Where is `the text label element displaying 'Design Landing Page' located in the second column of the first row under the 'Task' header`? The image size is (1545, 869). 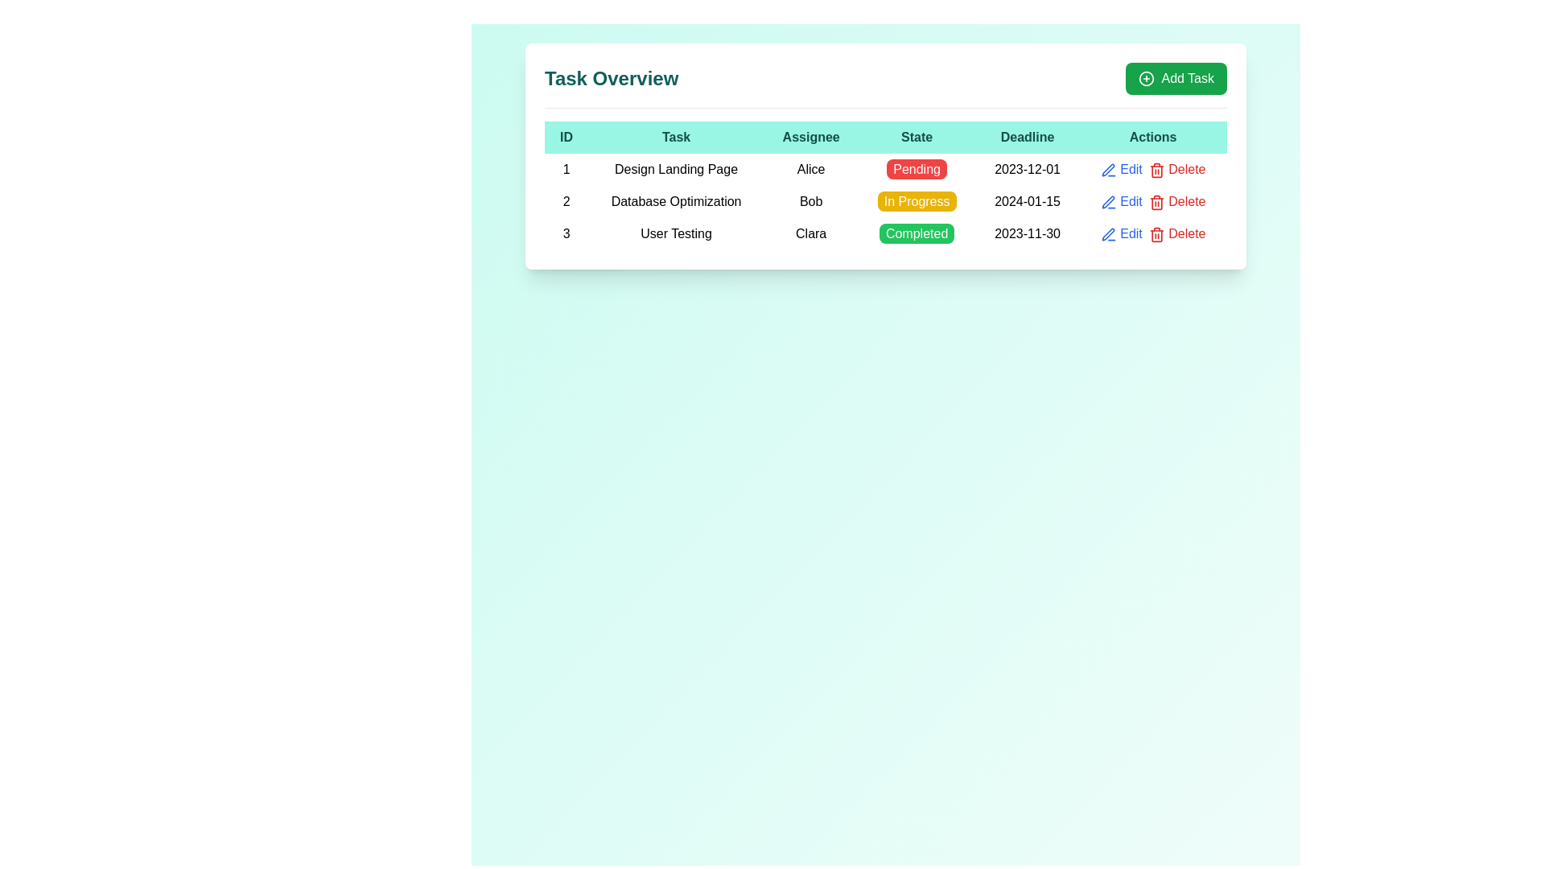
the text label element displaying 'Design Landing Page' located in the second column of the first row under the 'Task' header is located at coordinates (676, 170).